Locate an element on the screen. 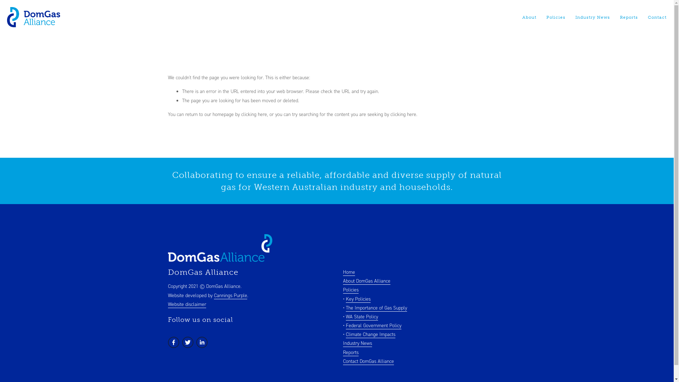 This screenshot has height=382, width=679. 'About DomGas Alliance' is located at coordinates (366, 280).